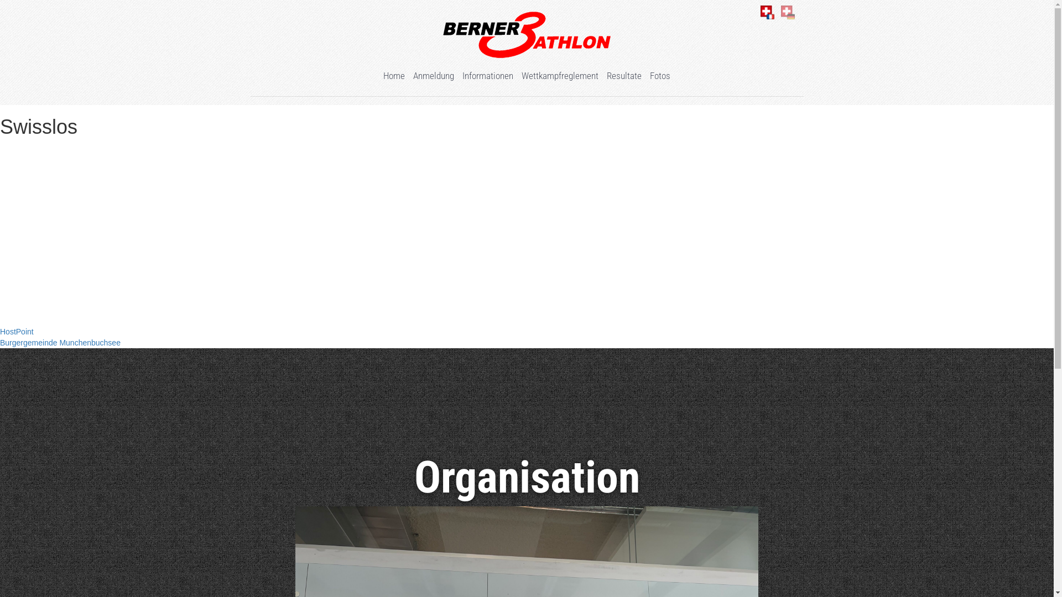 The width and height of the screenshot is (1062, 597). I want to click on 'Burgergemeinde Munchenbuchsee', so click(0, 342).